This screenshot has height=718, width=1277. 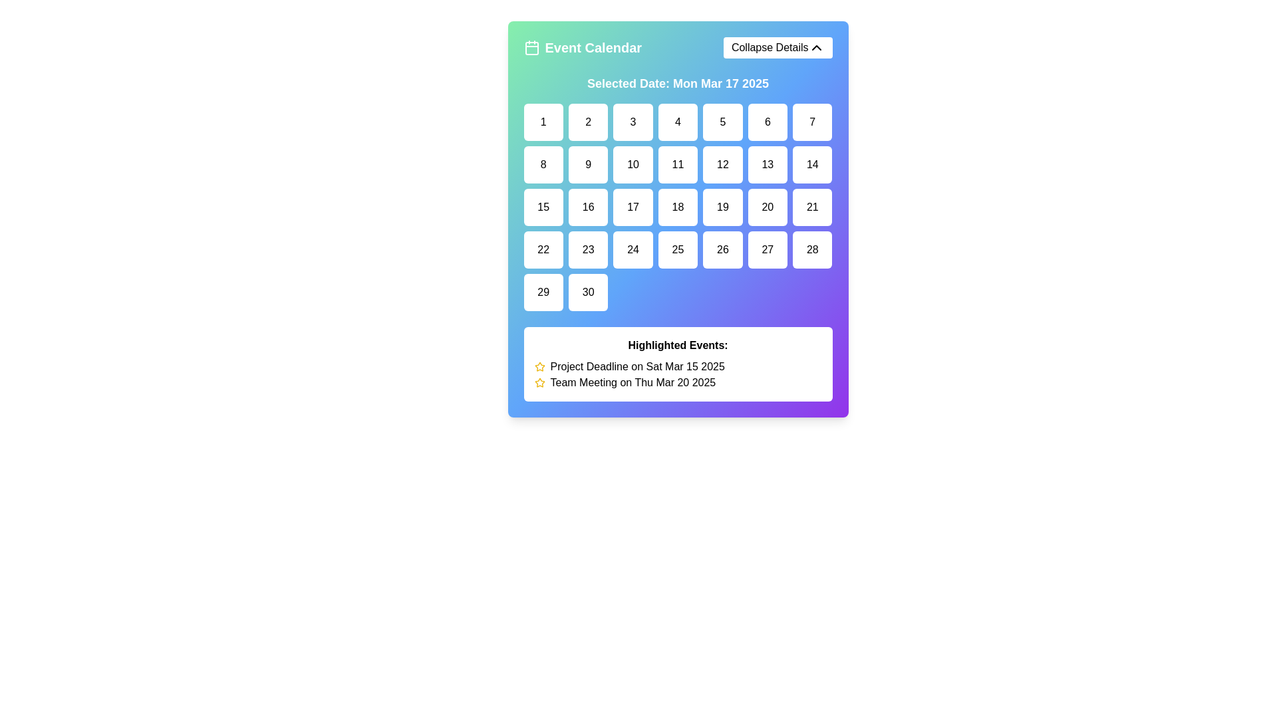 What do you see at coordinates (815, 47) in the screenshot?
I see `chevron-up icon located at the rightmost side of the 'Collapse Details' button in the top-right corner of the interface` at bounding box center [815, 47].